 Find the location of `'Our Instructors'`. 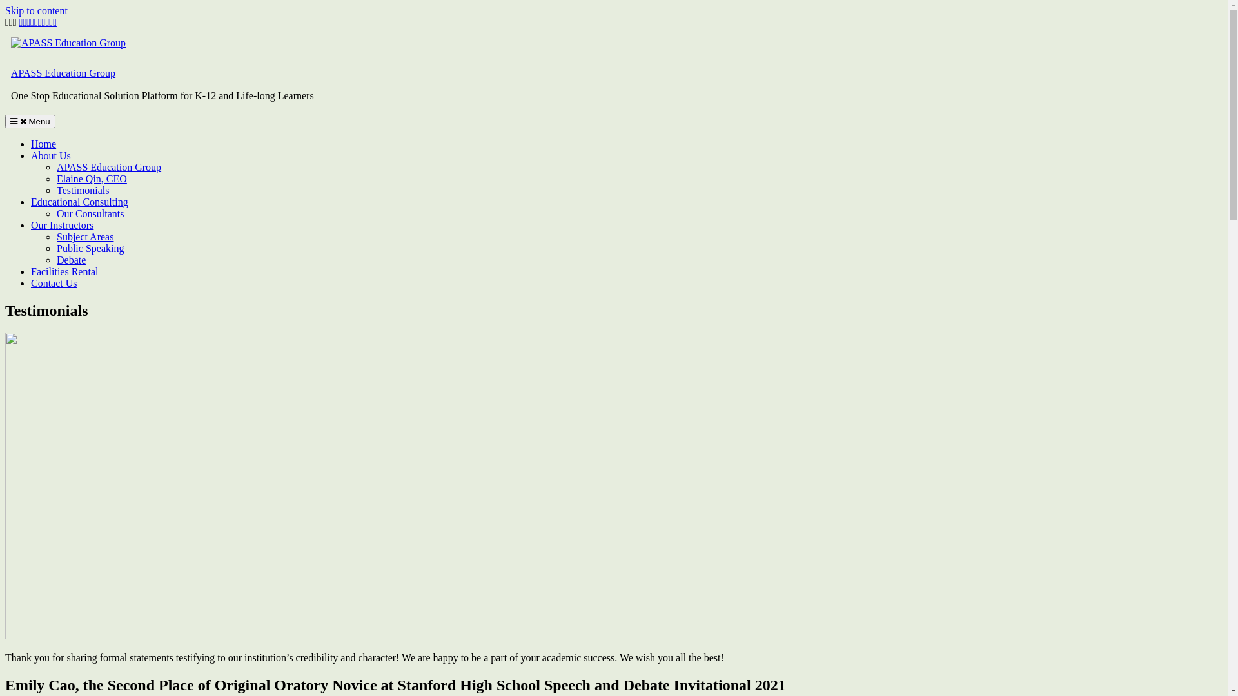

'Our Instructors' is located at coordinates (61, 224).